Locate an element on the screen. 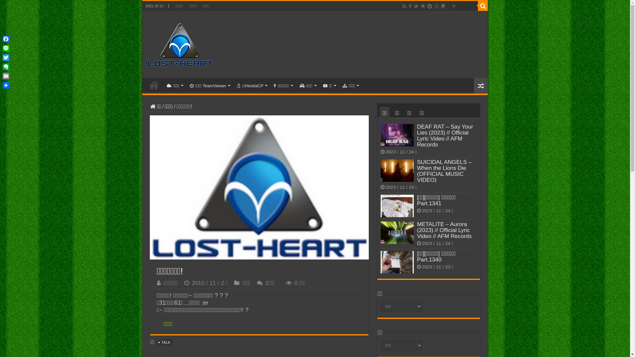  'Evernote' is located at coordinates (422, 6).